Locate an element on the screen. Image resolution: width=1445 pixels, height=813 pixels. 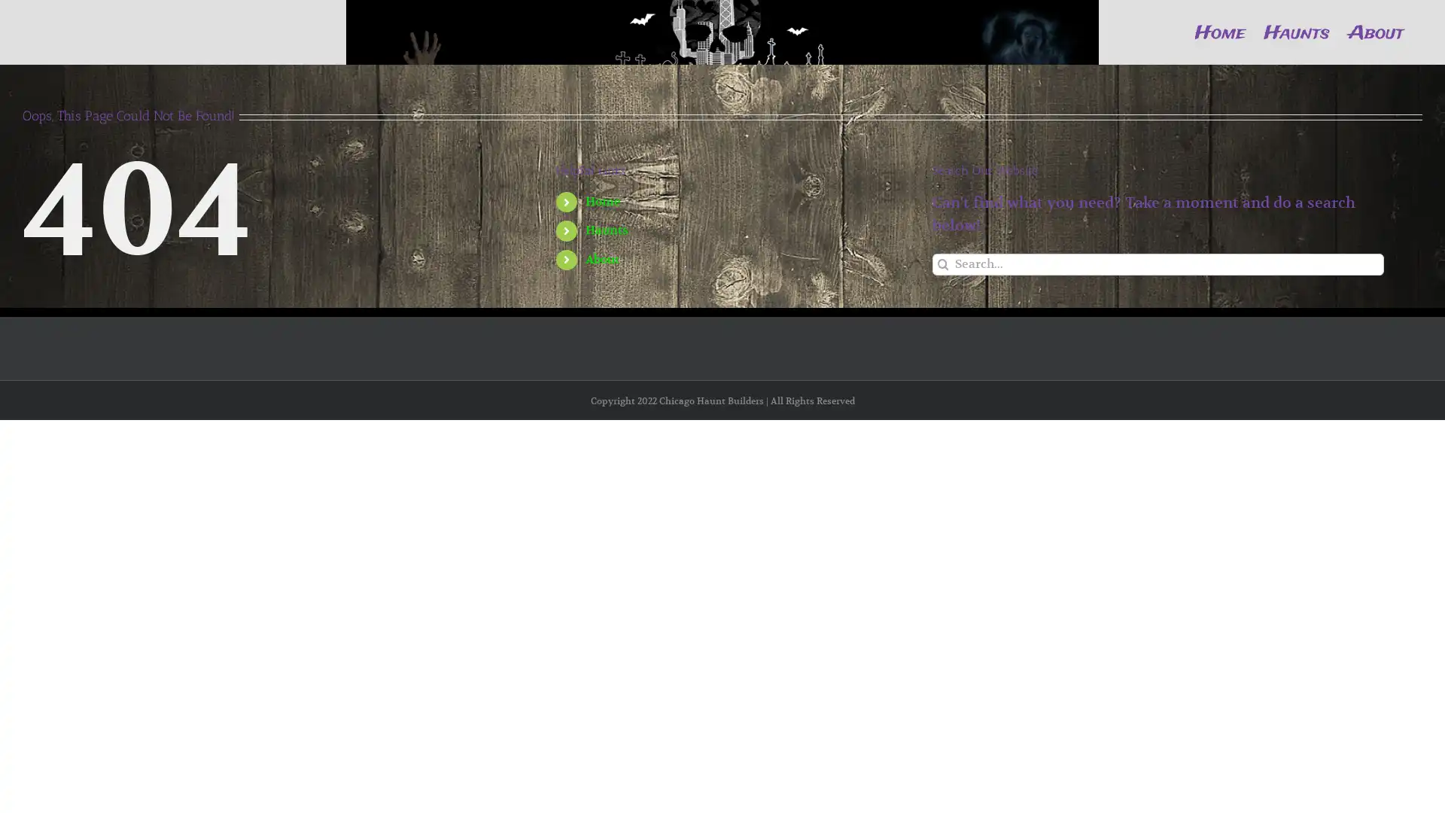
Search is located at coordinates (942, 311).